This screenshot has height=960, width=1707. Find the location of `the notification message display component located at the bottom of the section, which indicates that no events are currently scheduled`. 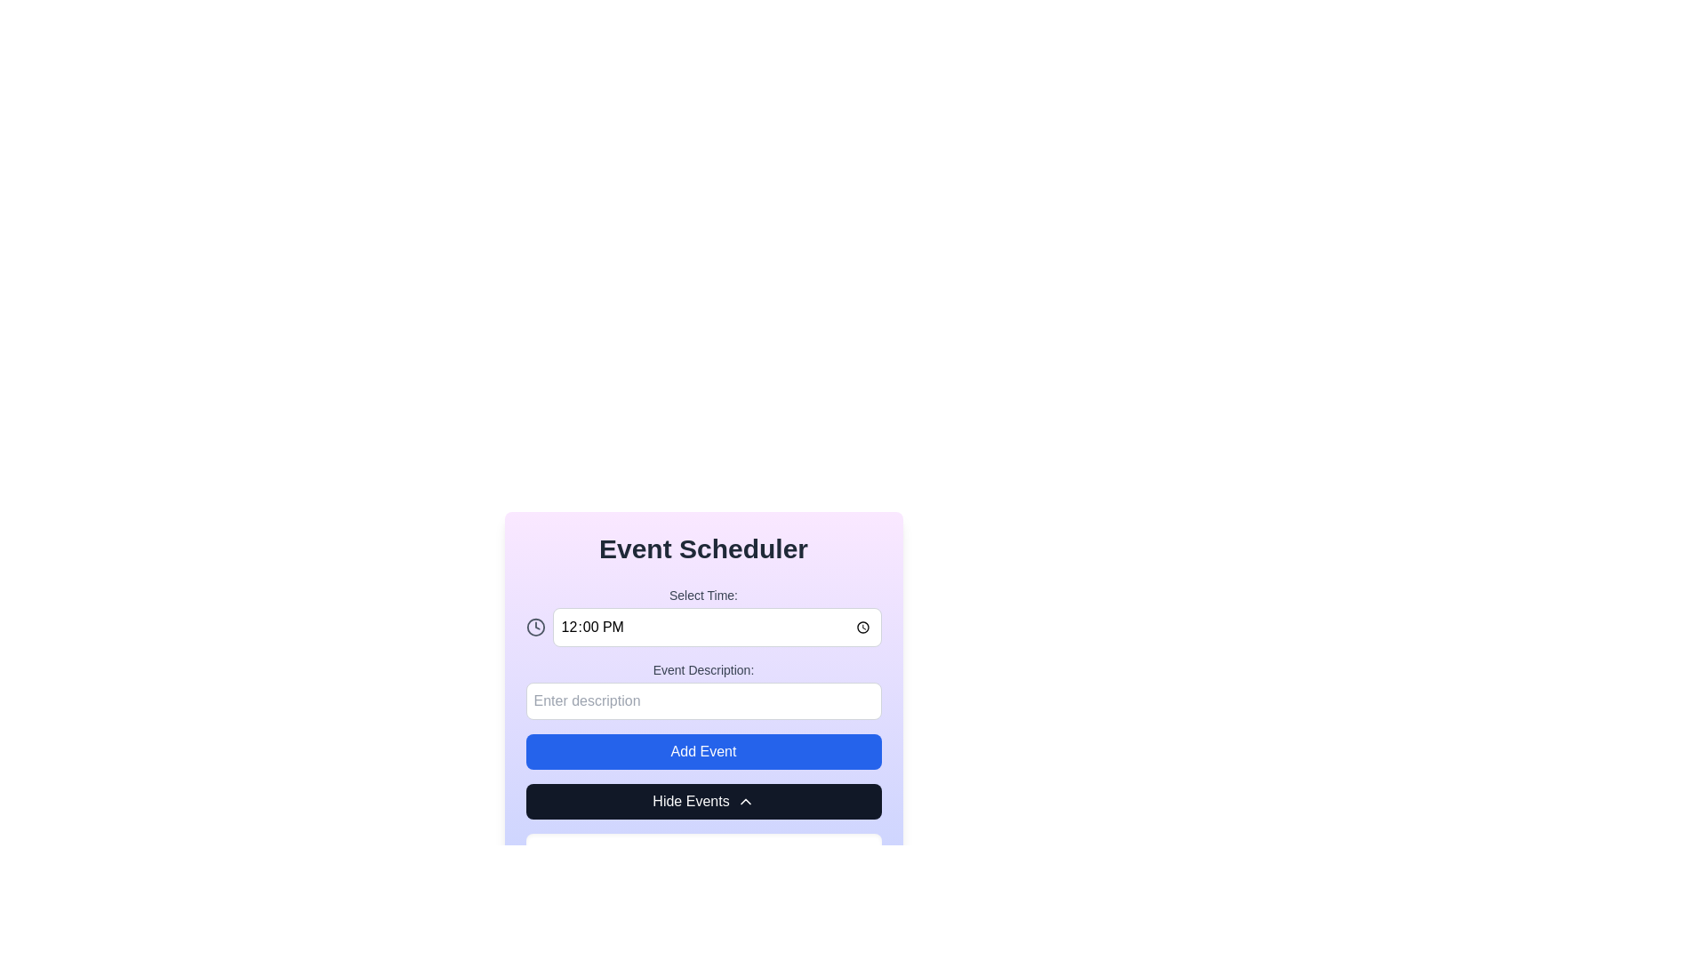

the notification message display component located at the bottom of the section, which indicates that no events are currently scheduled is located at coordinates (702, 857).